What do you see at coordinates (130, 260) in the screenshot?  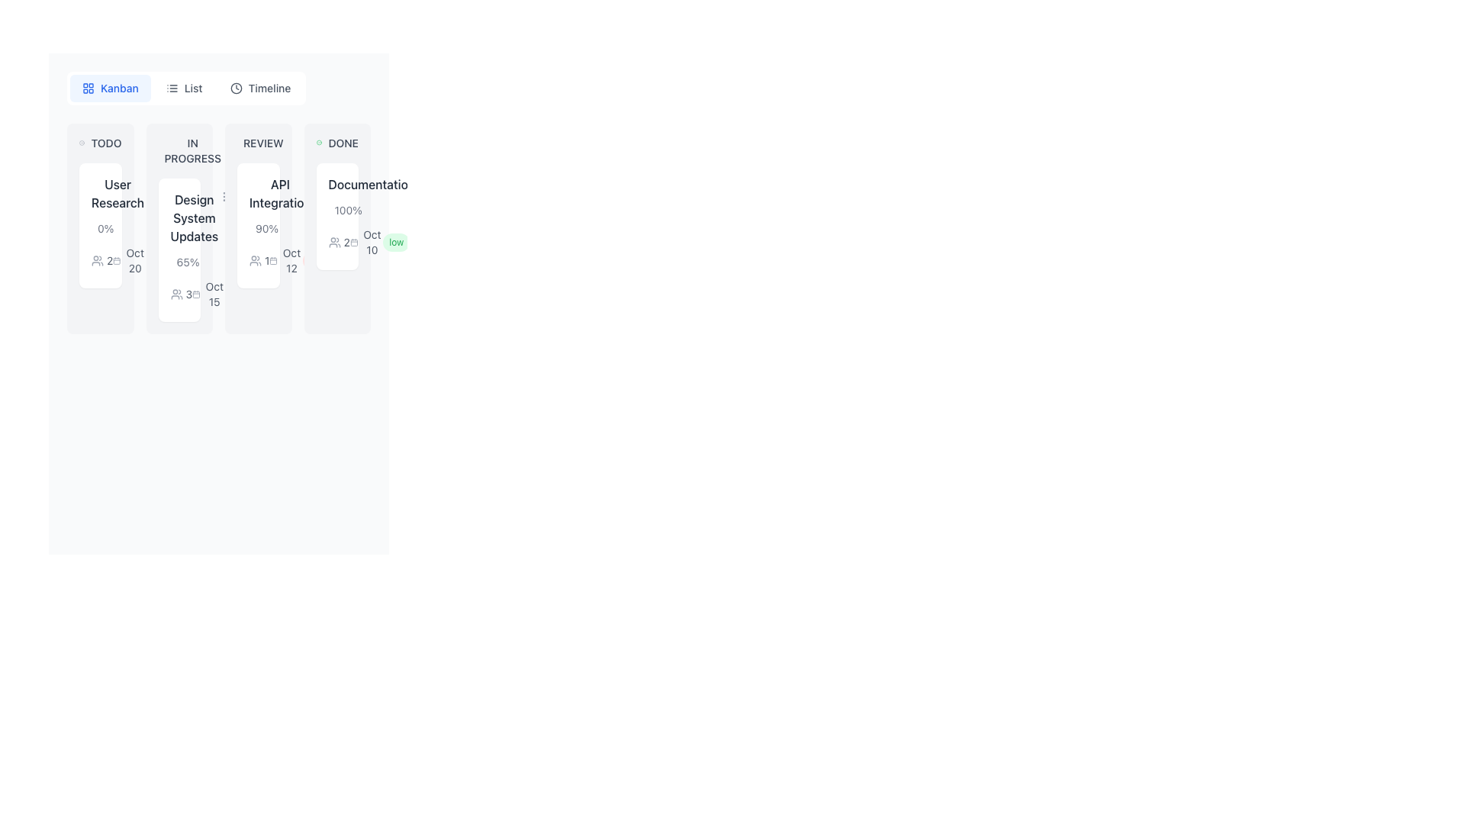 I see `the Date Label with Icon located within the 'User Research' card in the TODO column of the Kanban board, positioned below the main card title` at bounding box center [130, 260].